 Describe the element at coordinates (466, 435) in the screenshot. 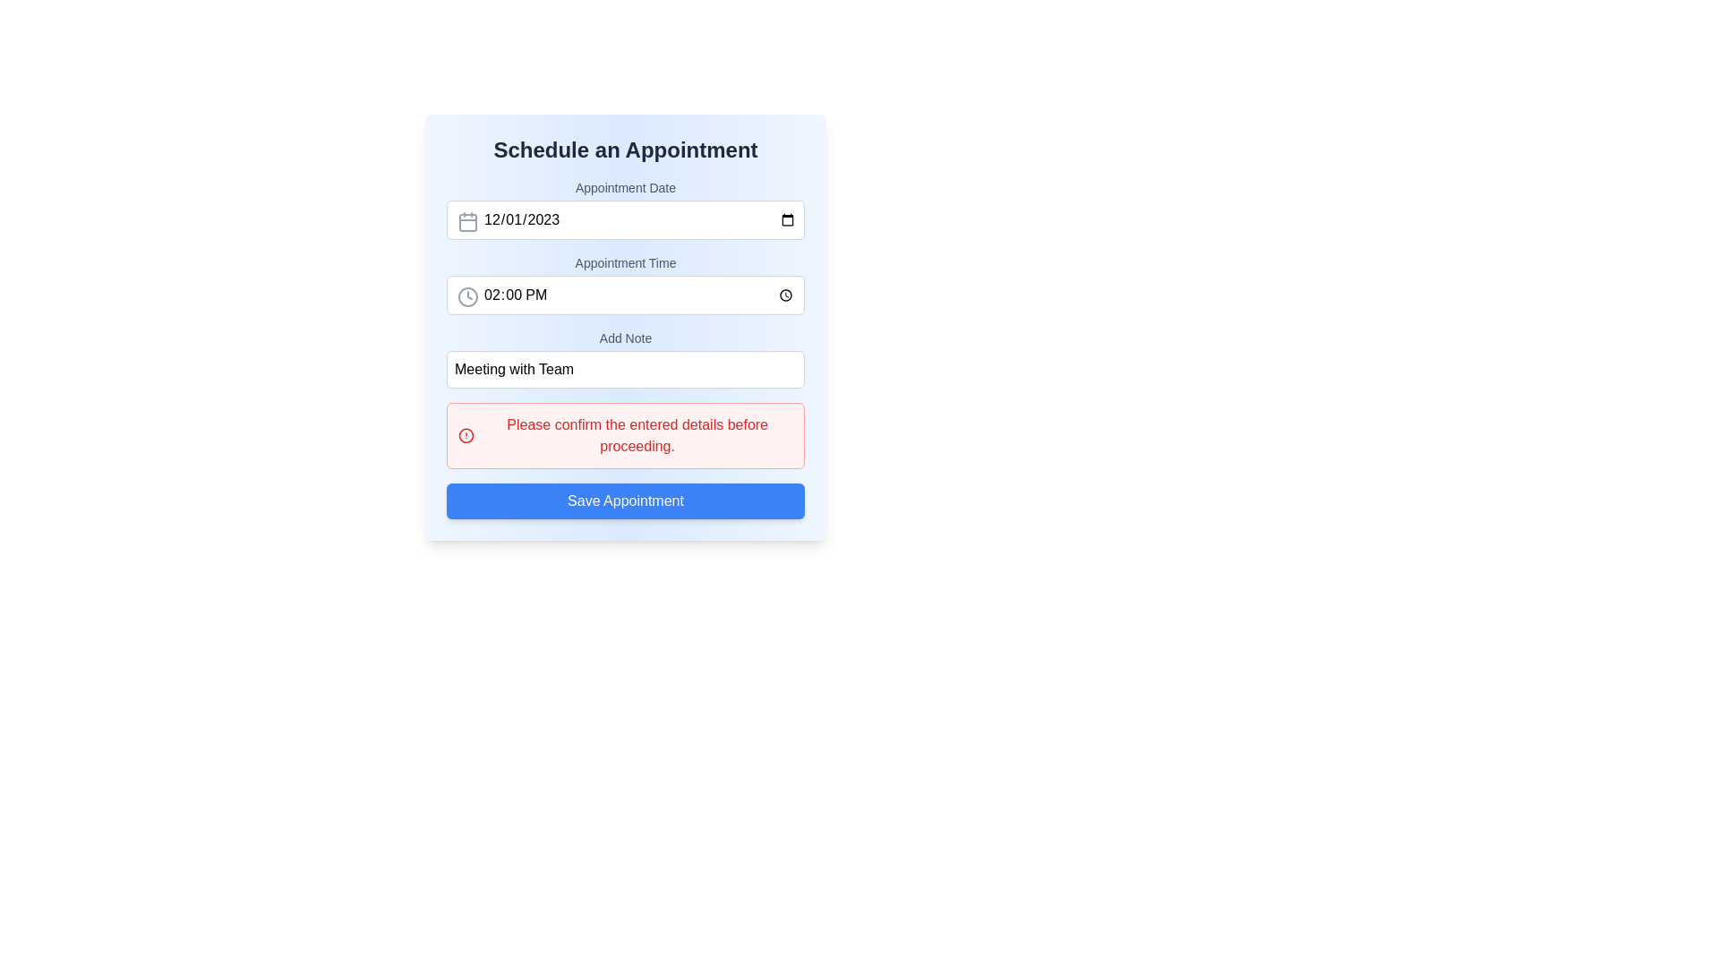

I see `the circular icon located to the left of the warning message 'Please confirm the entered details before proceeding.'` at that location.